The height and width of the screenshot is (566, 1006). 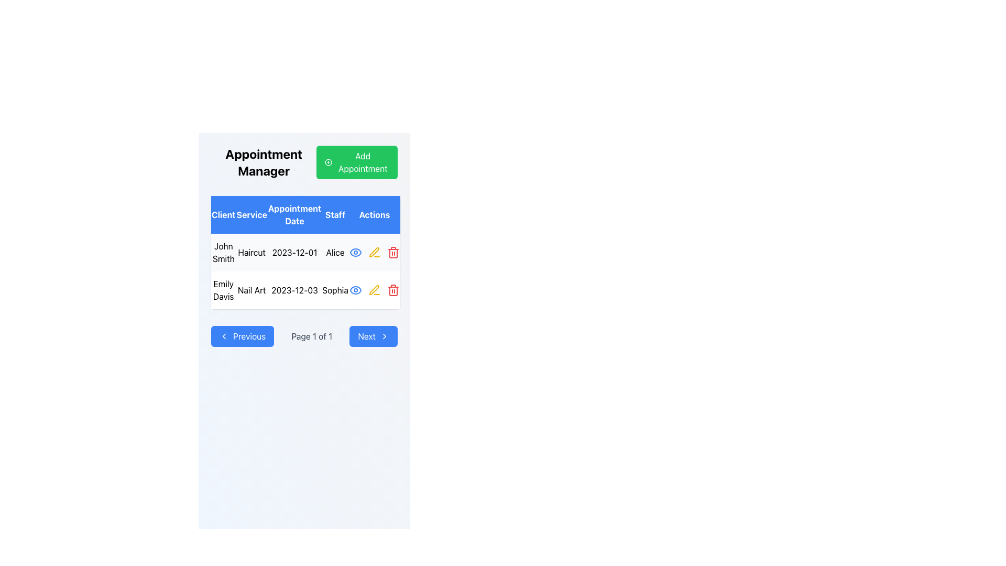 I want to click on text label 'Actions' located in the top-right corner of the table header row, which is a blue box with white text, so click(x=374, y=214).